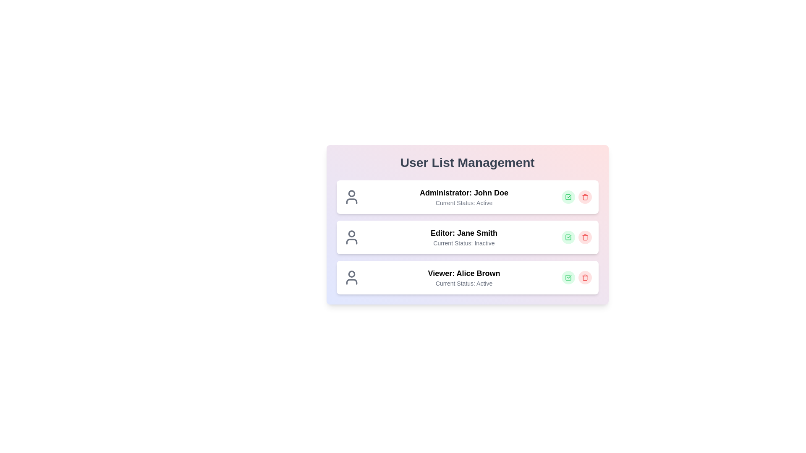 The height and width of the screenshot is (453, 806). What do you see at coordinates (467, 163) in the screenshot?
I see `the Text Header element that displays 'User List Management' for accessibility purposes` at bounding box center [467, 163].